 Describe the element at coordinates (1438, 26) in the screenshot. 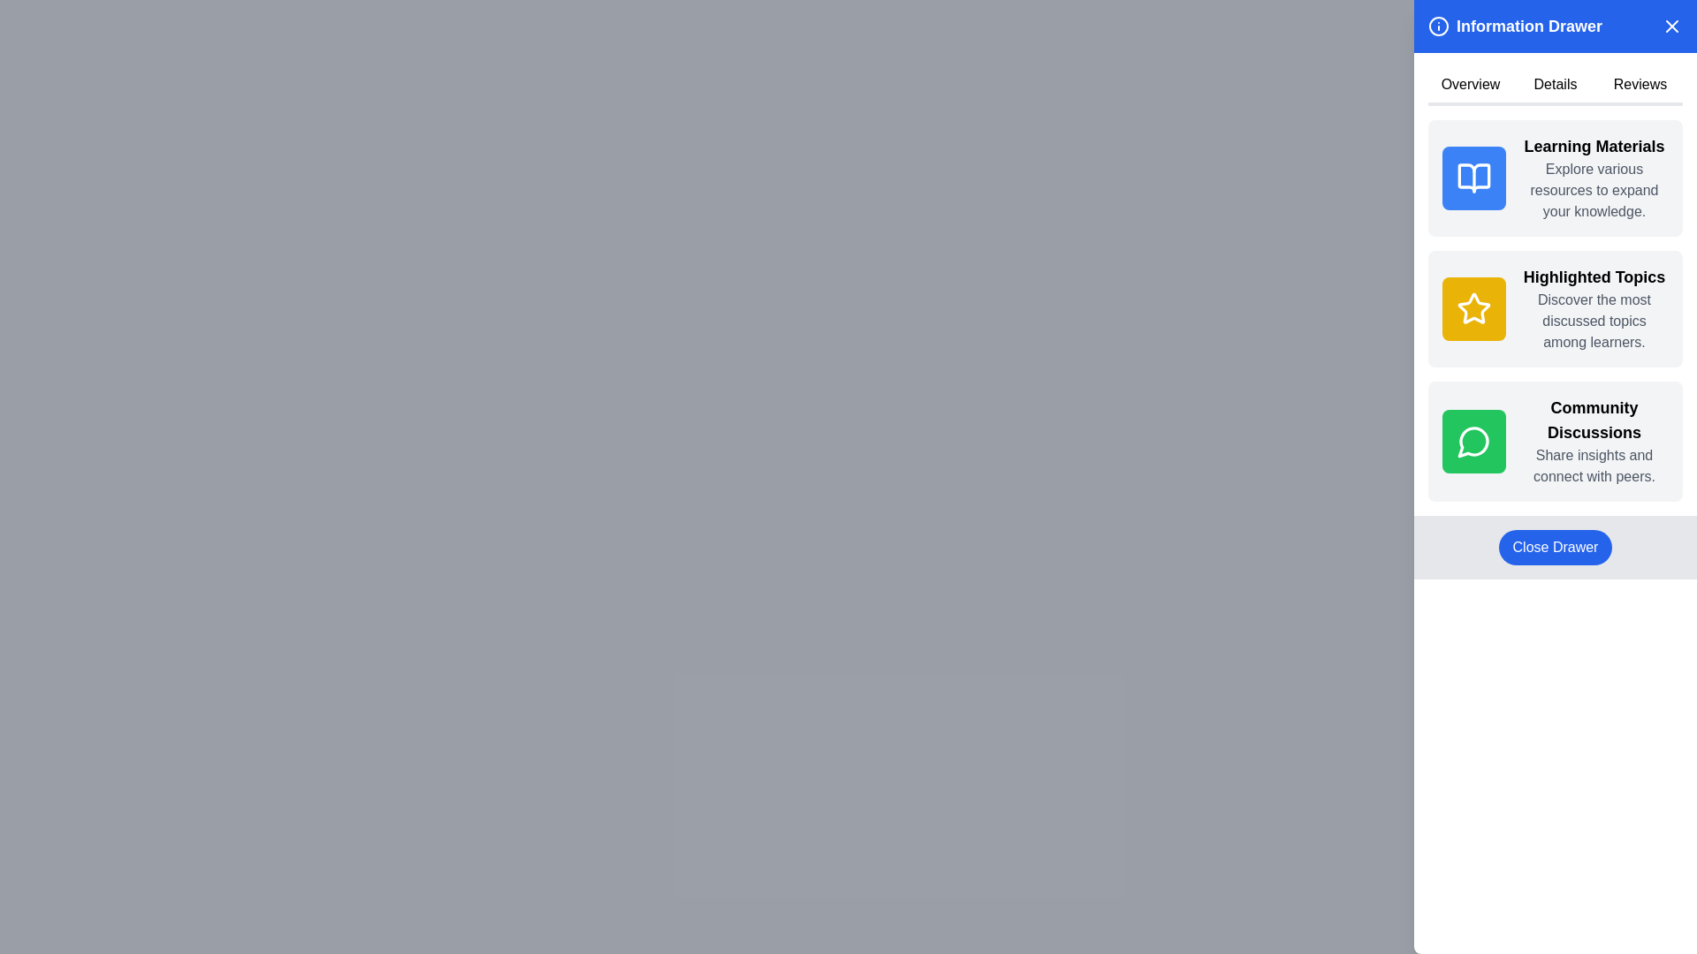

I see `the outermost circle of the 'info' icon in the top-right corner of the 'Information Drawer' sidebar header, which serves as a decorative element indicating additional information` at that location.